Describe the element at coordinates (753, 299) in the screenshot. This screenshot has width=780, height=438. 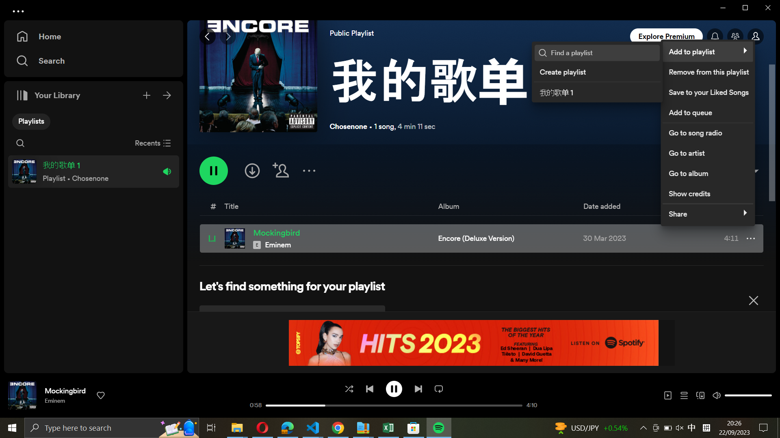
I see `Terminate the ad display` at that location.